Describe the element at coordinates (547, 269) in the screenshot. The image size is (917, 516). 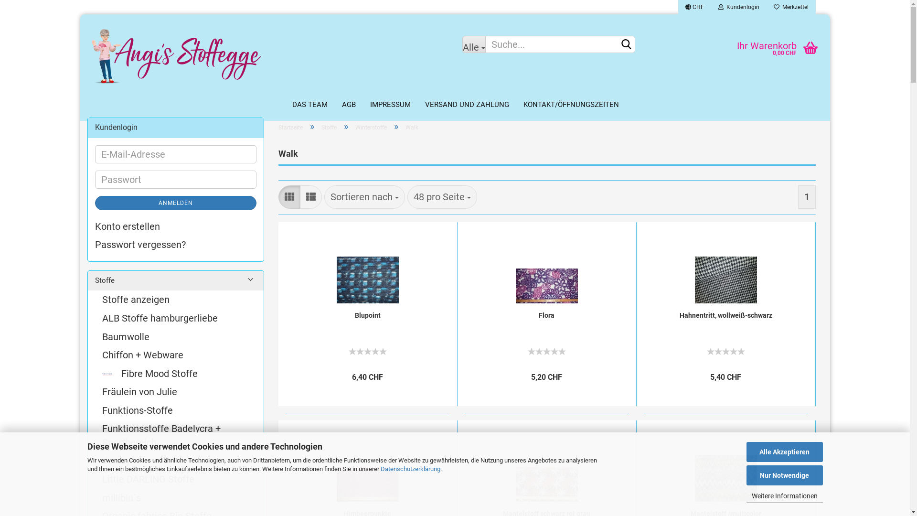
I see `'Flora'` at that location.